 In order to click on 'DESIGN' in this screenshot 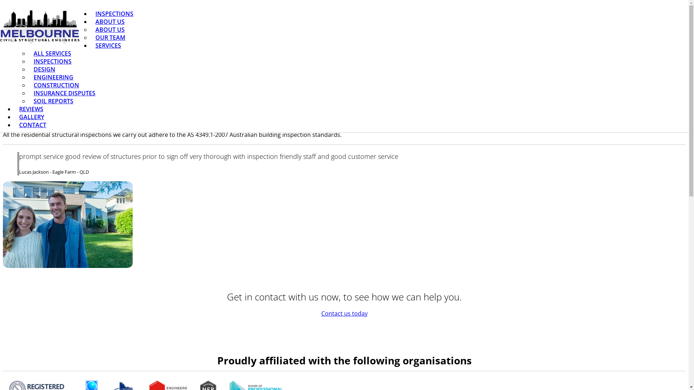, I will do `click(44, 69)`.